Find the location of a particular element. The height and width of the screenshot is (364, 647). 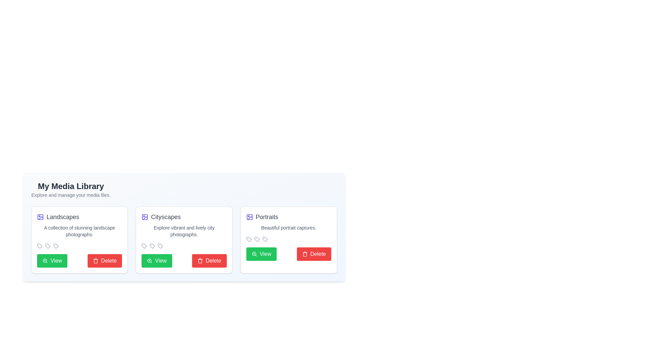

the tag icon located in the top-left area of the 'Landscapes' card in the 'My Media Library' section, which resembles a price tag with rounded strokes and grey coloring is located at coordinates (48, 246).